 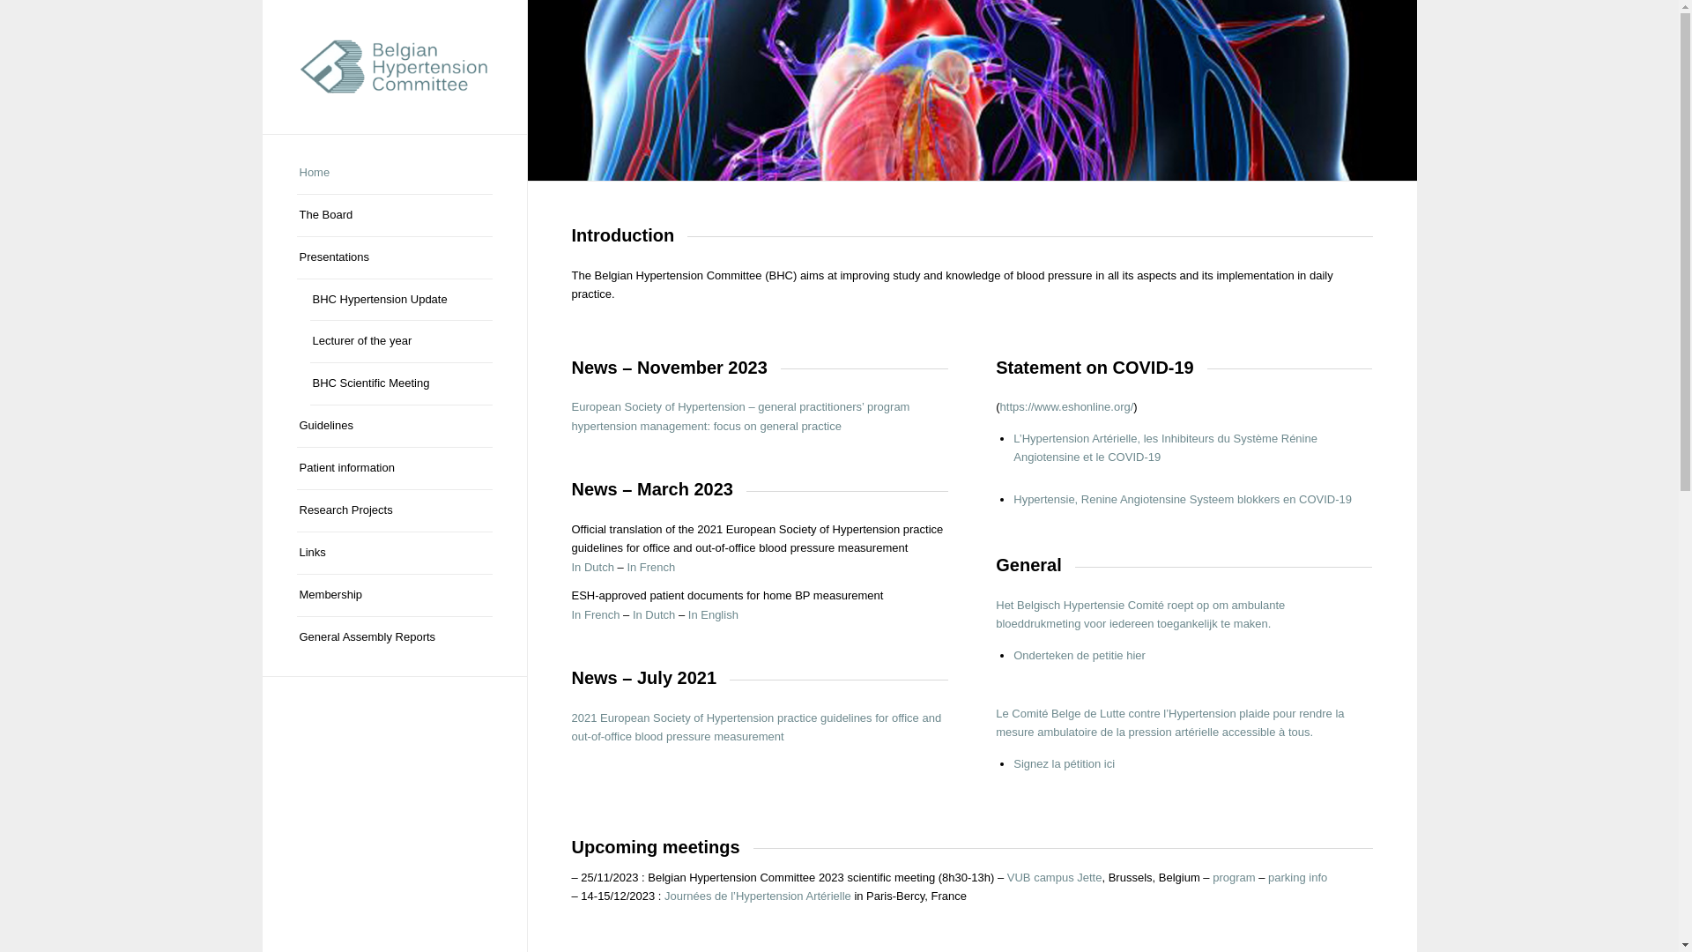 What do you see at coordinates (392, 468) in the screenshot?
I see `'Patient information'` at bounding box center [392, 468].